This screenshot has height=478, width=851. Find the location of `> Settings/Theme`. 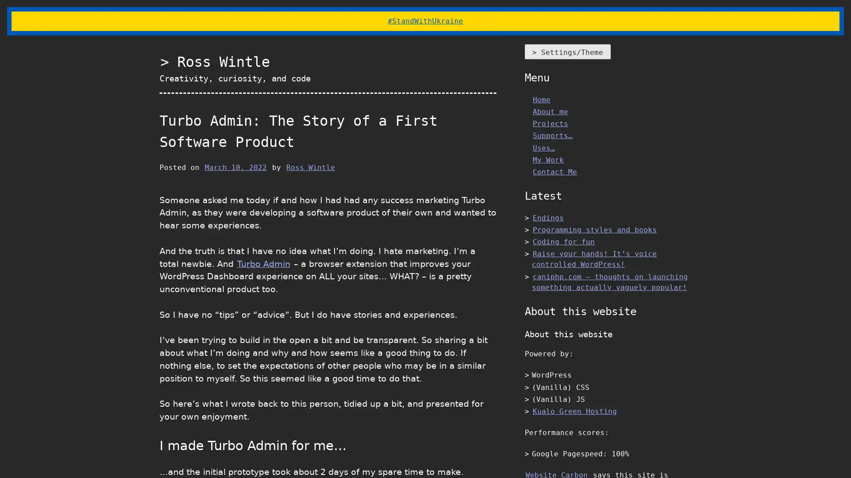

> Settings/Theme is located at coordinates (568, 51).